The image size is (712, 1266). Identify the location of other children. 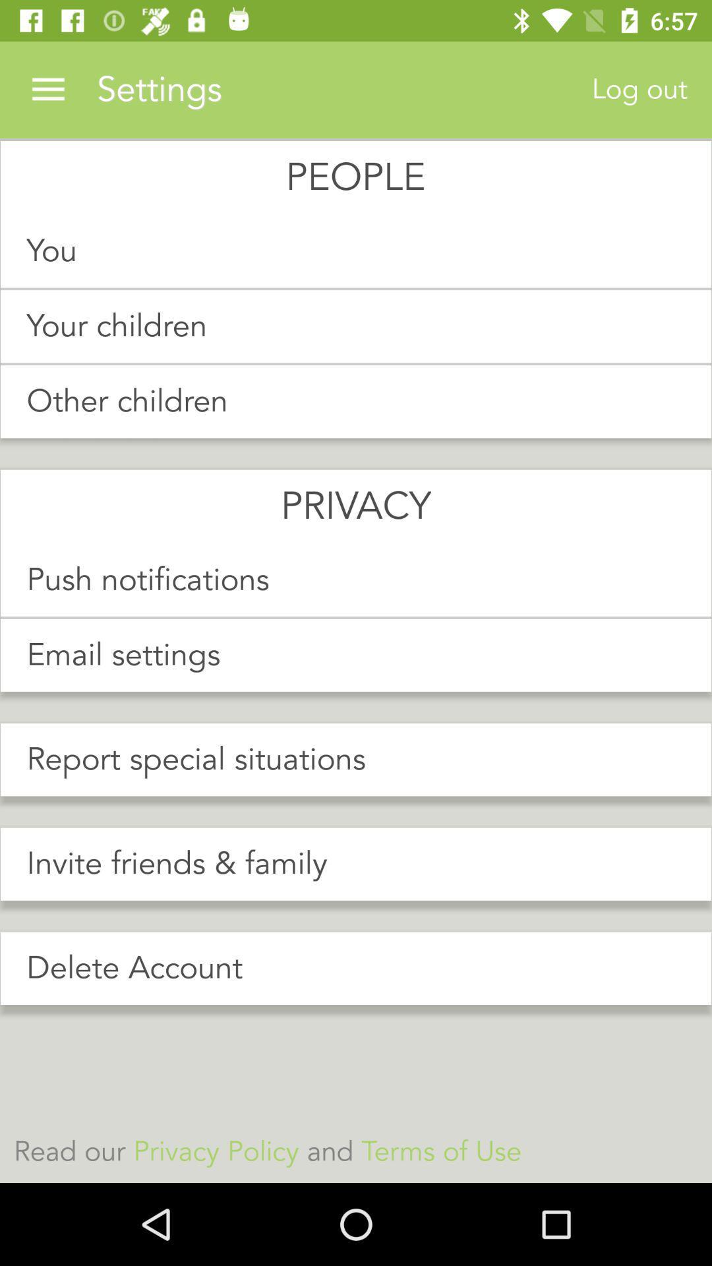
(356, 401).